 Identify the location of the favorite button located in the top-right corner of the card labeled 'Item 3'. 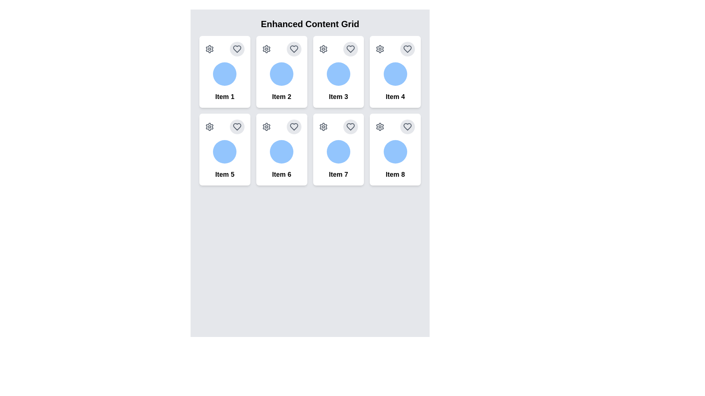
(350, 49).